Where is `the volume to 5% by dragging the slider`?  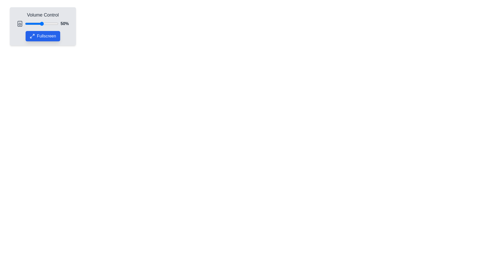
the volume to 5% by dragging the slider is located at coordinates (26, 24).